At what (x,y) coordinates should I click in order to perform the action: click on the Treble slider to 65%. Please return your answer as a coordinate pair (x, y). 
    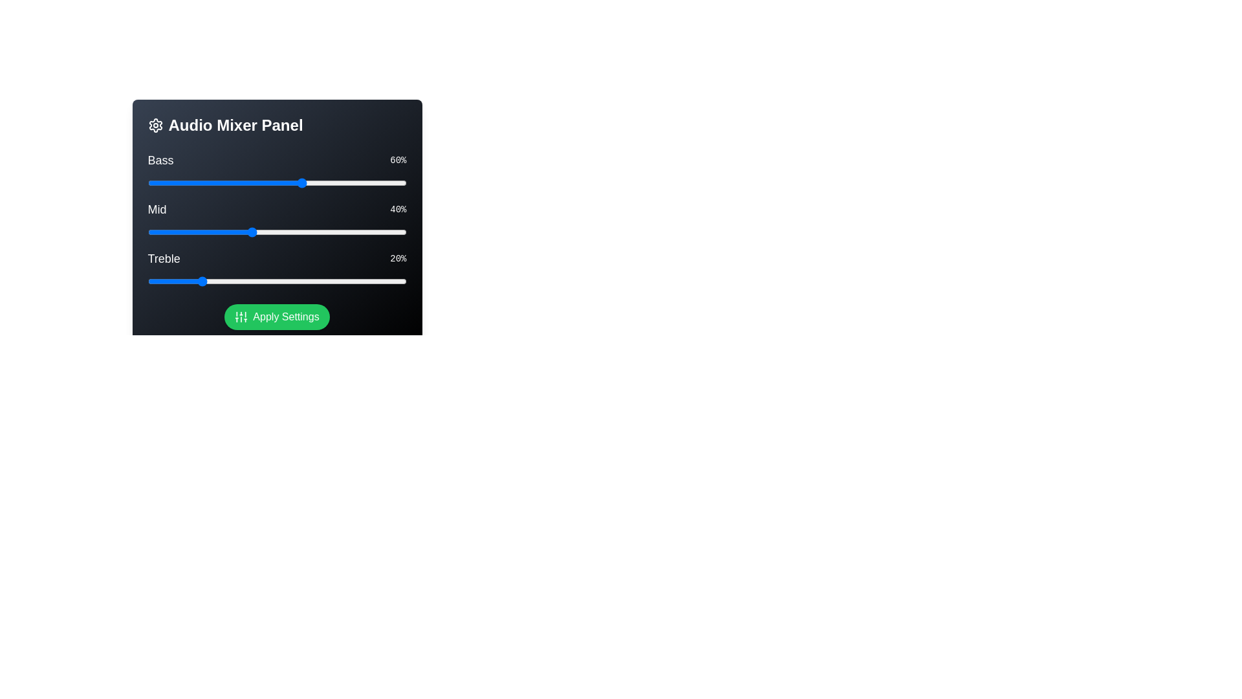
    Looking at the image, I should click on (316, 281).